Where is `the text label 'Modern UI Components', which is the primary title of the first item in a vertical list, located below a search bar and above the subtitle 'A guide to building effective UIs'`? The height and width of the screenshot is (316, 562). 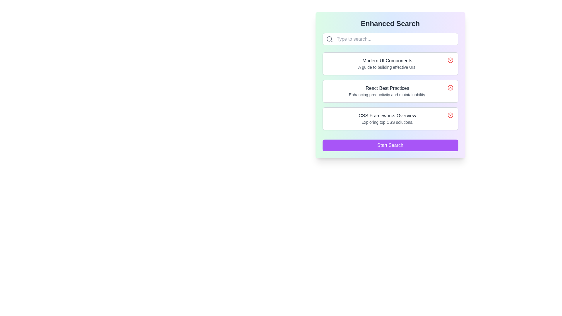
the text label 'Modern UI Components', which is the primary title of the first item in a vertical list, located below a search bar and above the subtitle 'A guide to building effective UIs' is located at coordinates (387, 61).